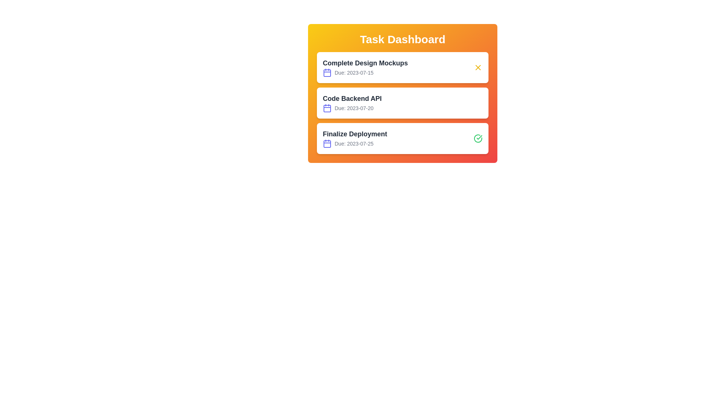 This screenshot has height=399, width=710. Describe the element at coordinates (365, 62) in the screenshot. I see `the task title Complete Design Mockups` at that location.